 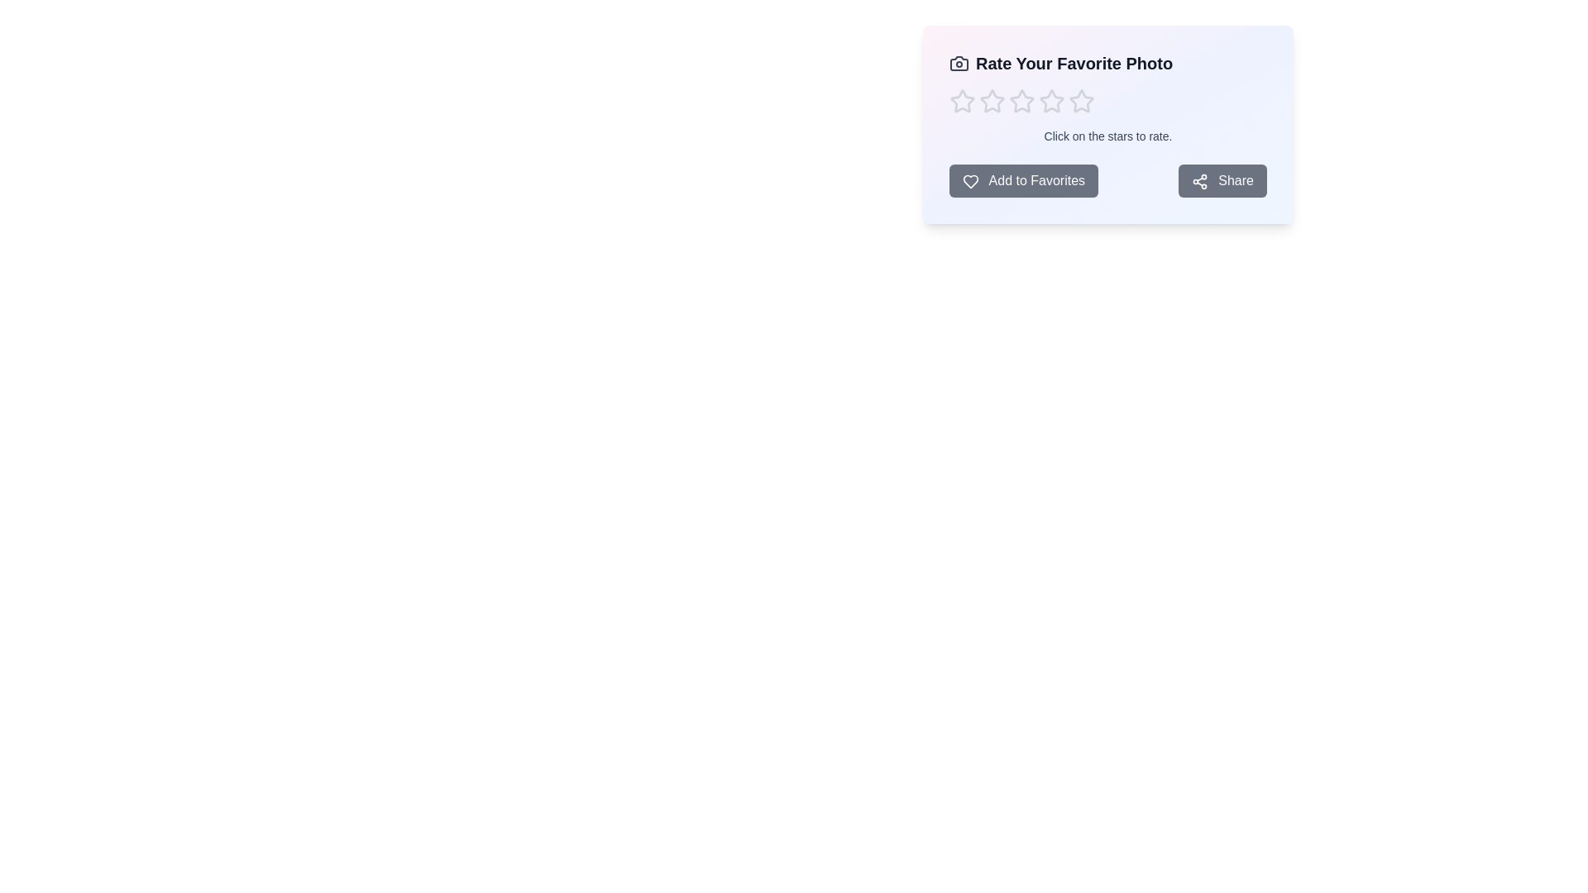 I want to click on the heart-shaped icon representing the 'Add to Favorites' button, located near the bottom-left corner of the modal, so click(x=971, y=181).